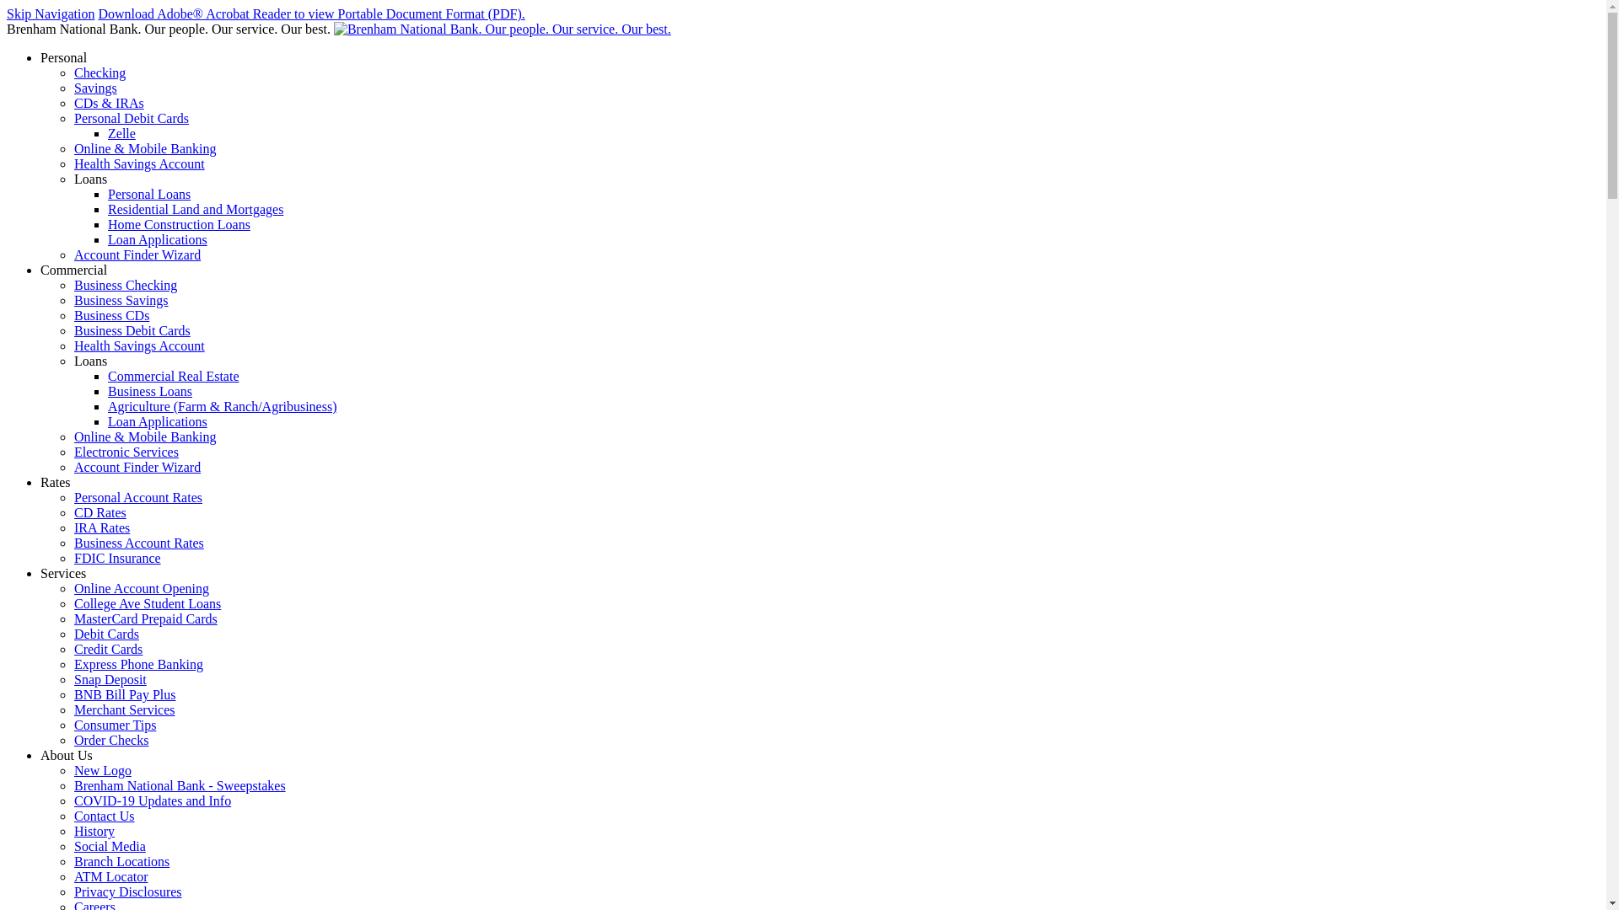 The height and width of the screenshot is (910, 1619). Describe the element at coordinates (107, 648) in the screenshot. I see `'Credit Cards'` at that location.